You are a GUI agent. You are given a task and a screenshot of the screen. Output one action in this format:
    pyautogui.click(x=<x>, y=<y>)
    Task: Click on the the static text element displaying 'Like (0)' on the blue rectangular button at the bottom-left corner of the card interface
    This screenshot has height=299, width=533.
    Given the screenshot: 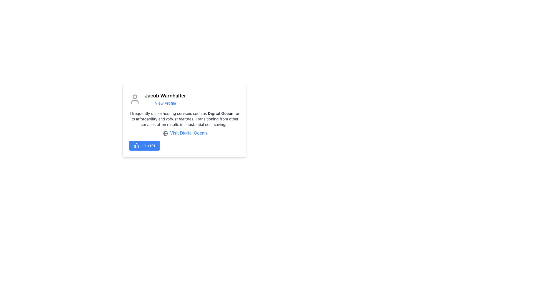 What is the action you would take?
    pyautogui.click(x=148, y=145)
    